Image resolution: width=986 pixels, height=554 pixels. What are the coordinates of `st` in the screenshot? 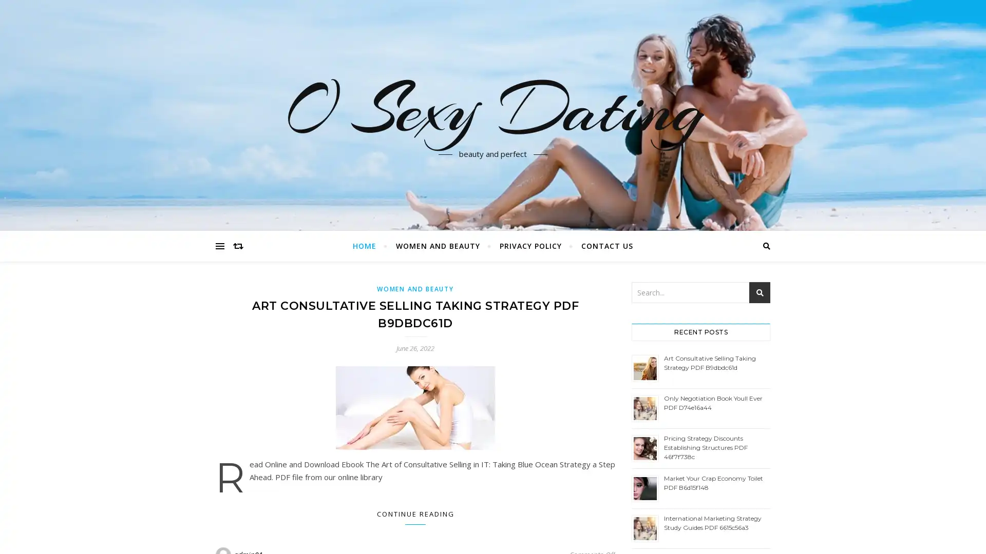 It's located at (760, 292).